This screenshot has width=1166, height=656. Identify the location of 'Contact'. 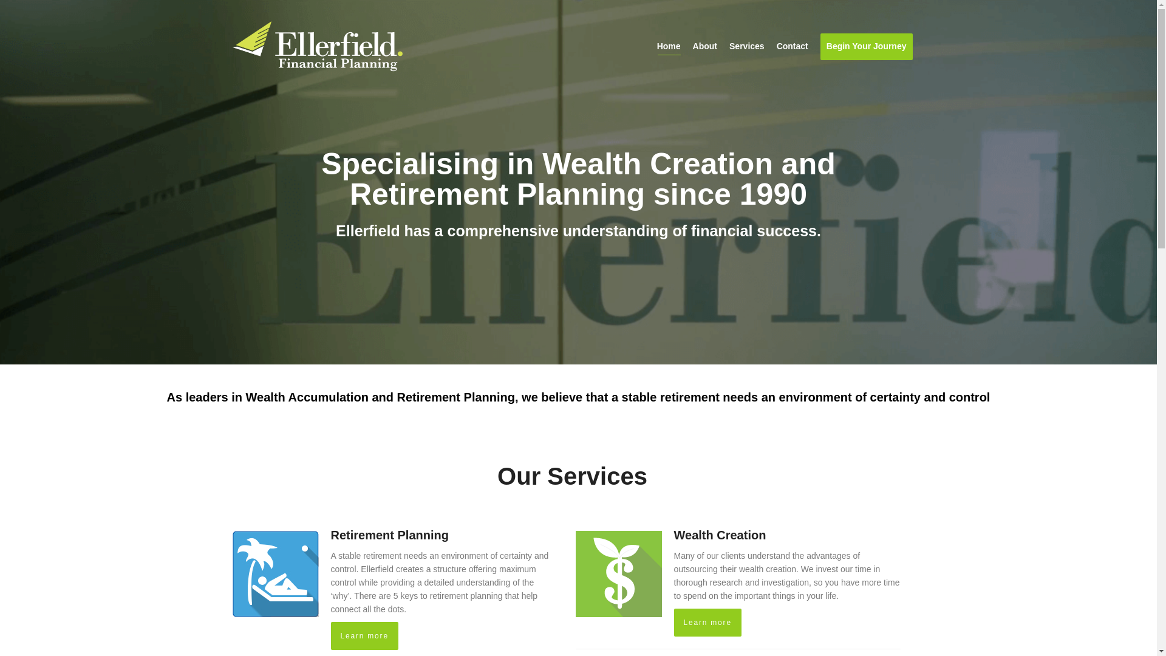
(776, 46).